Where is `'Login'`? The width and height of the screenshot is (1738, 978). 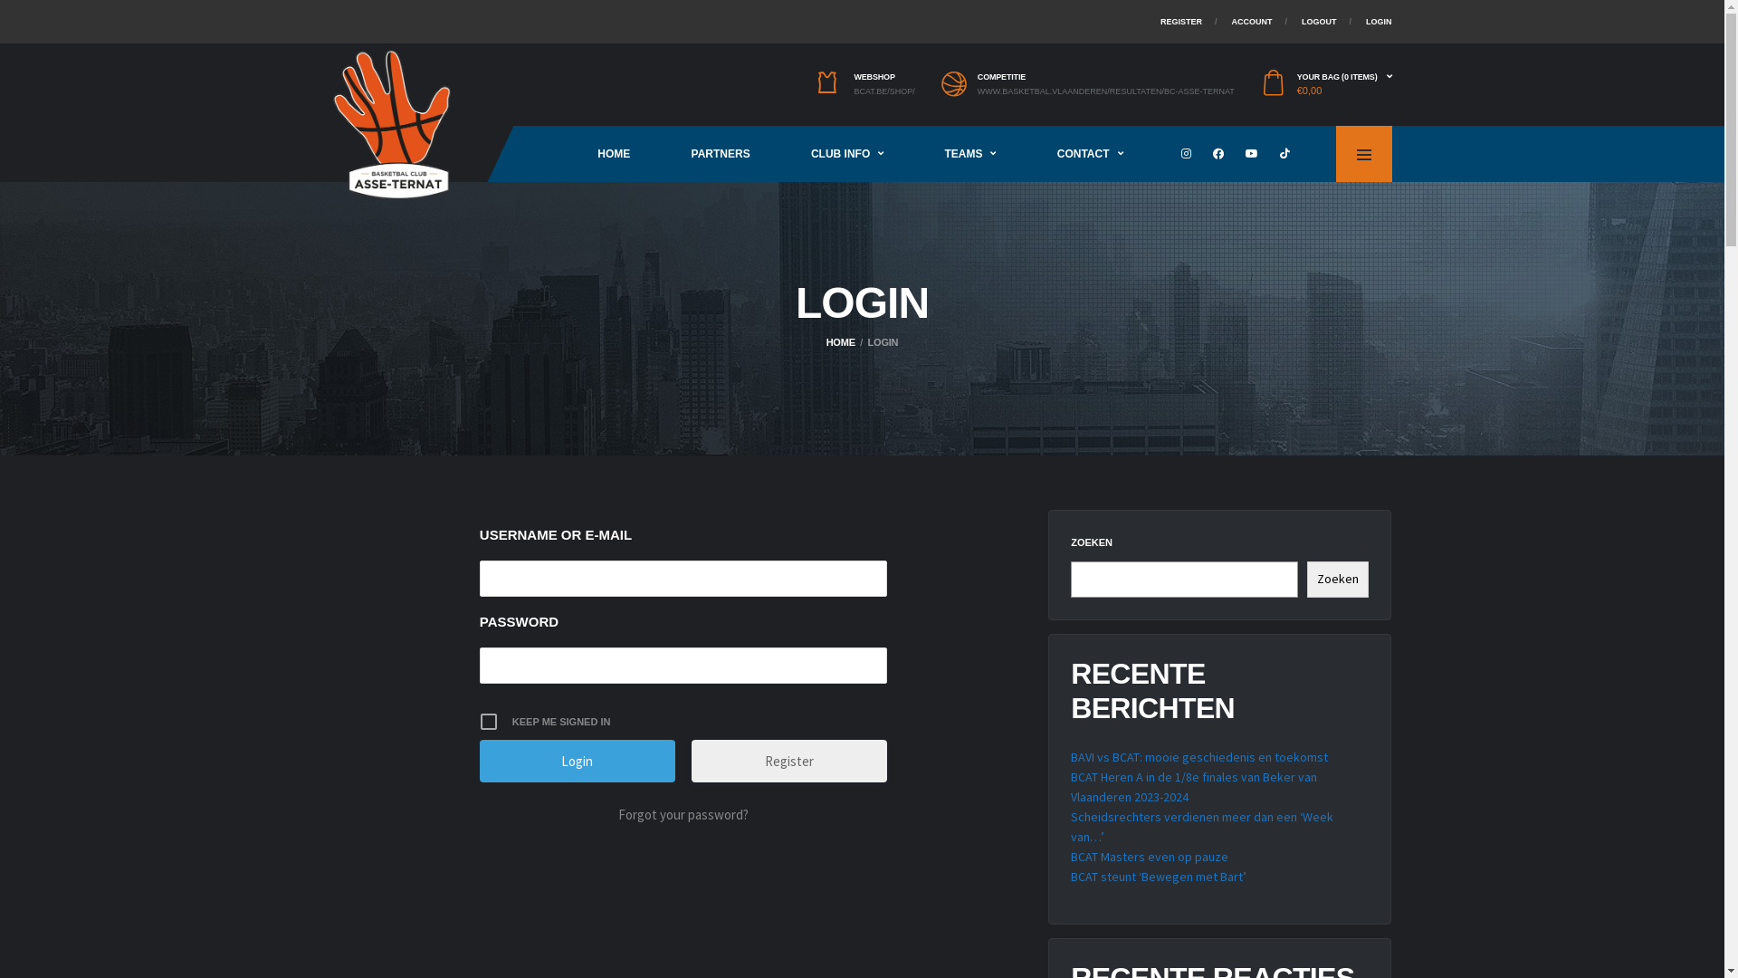
'Login' is located at coordinates (577, 761).